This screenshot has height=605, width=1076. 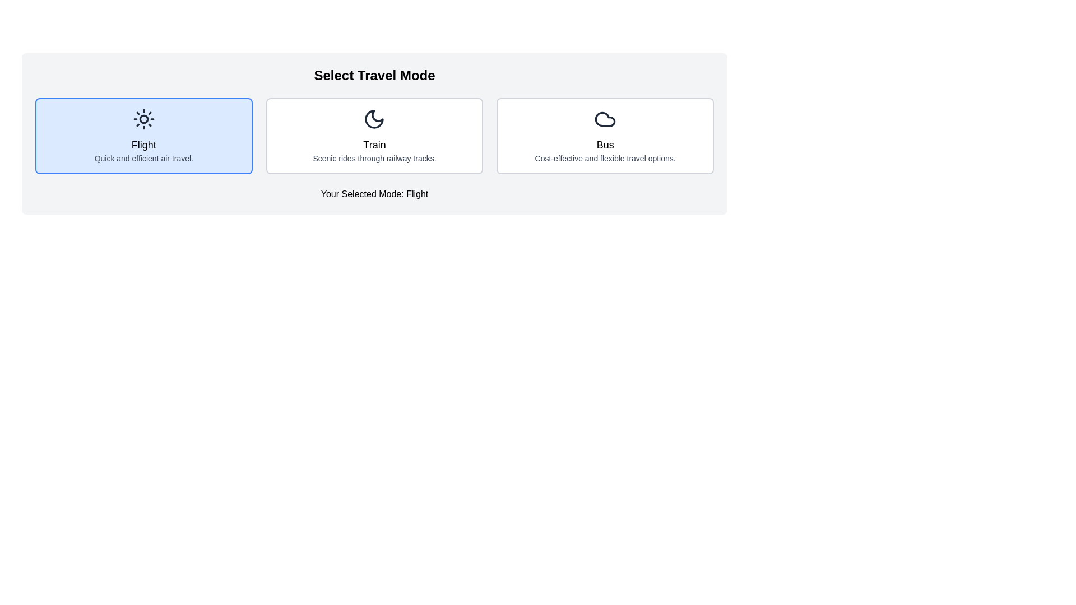 What do you see at coordinates (605, 119) in the screenshot?
I see `the 'Bus' icon, which is centrally placed inside the 'Bus' selection box in the 'Select Travel Mode' interface` at bounding box center [605, 119].